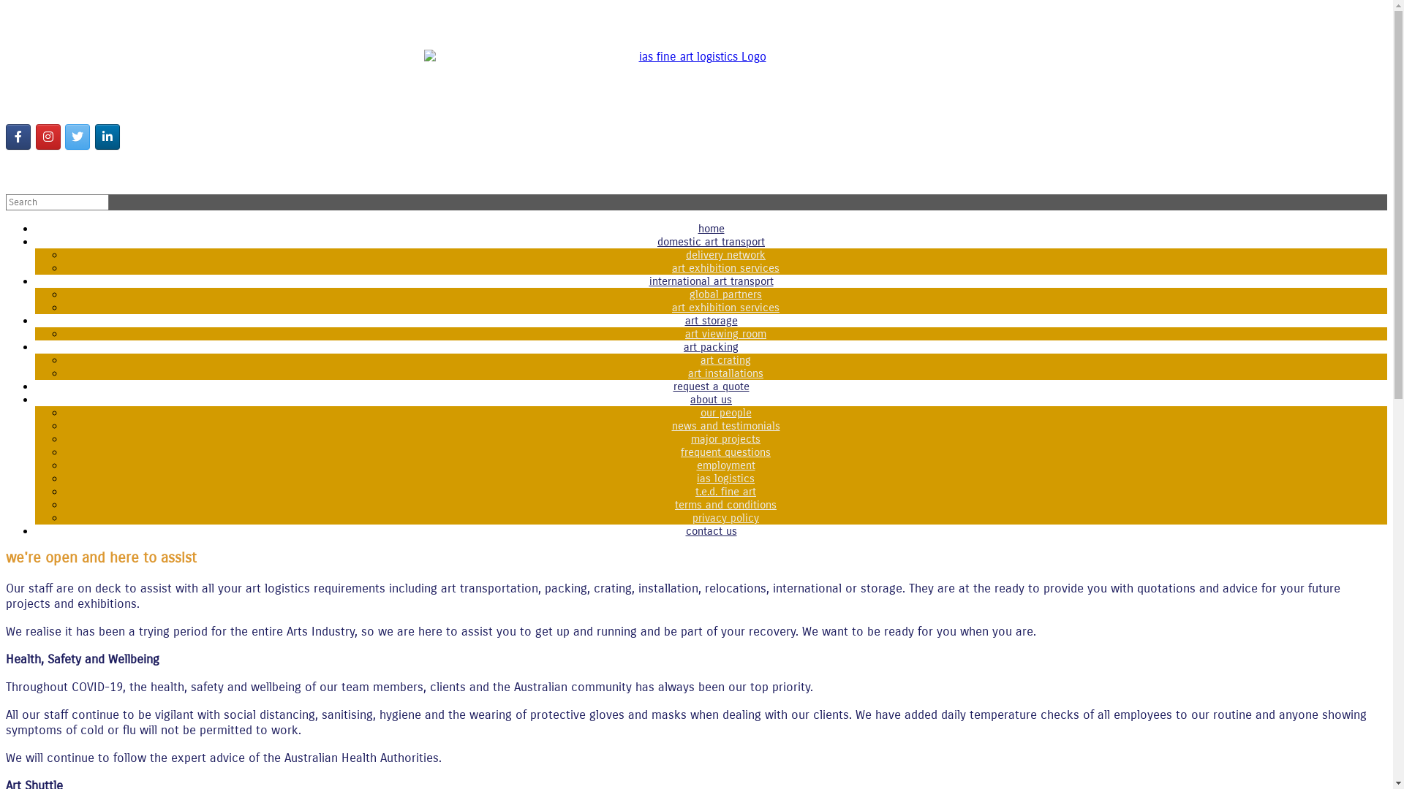 The height and width of the screenshot is (789, 1404). Describe the element at coordinates (710, 385) in the screenshot. I see `'request a quote'` at that location.